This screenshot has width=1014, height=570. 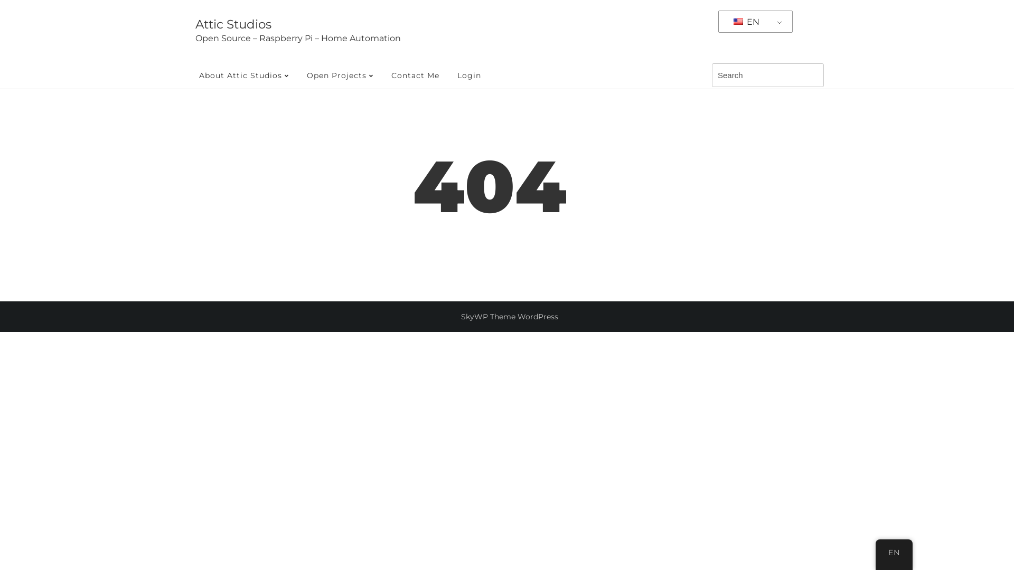 I want to click on 'About Attic Studios', so click(x=243, y=74).